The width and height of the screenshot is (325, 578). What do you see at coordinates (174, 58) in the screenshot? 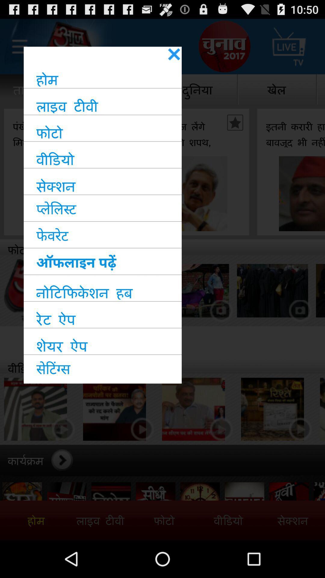
I see `the close icon` at bounding box center [174, 58].